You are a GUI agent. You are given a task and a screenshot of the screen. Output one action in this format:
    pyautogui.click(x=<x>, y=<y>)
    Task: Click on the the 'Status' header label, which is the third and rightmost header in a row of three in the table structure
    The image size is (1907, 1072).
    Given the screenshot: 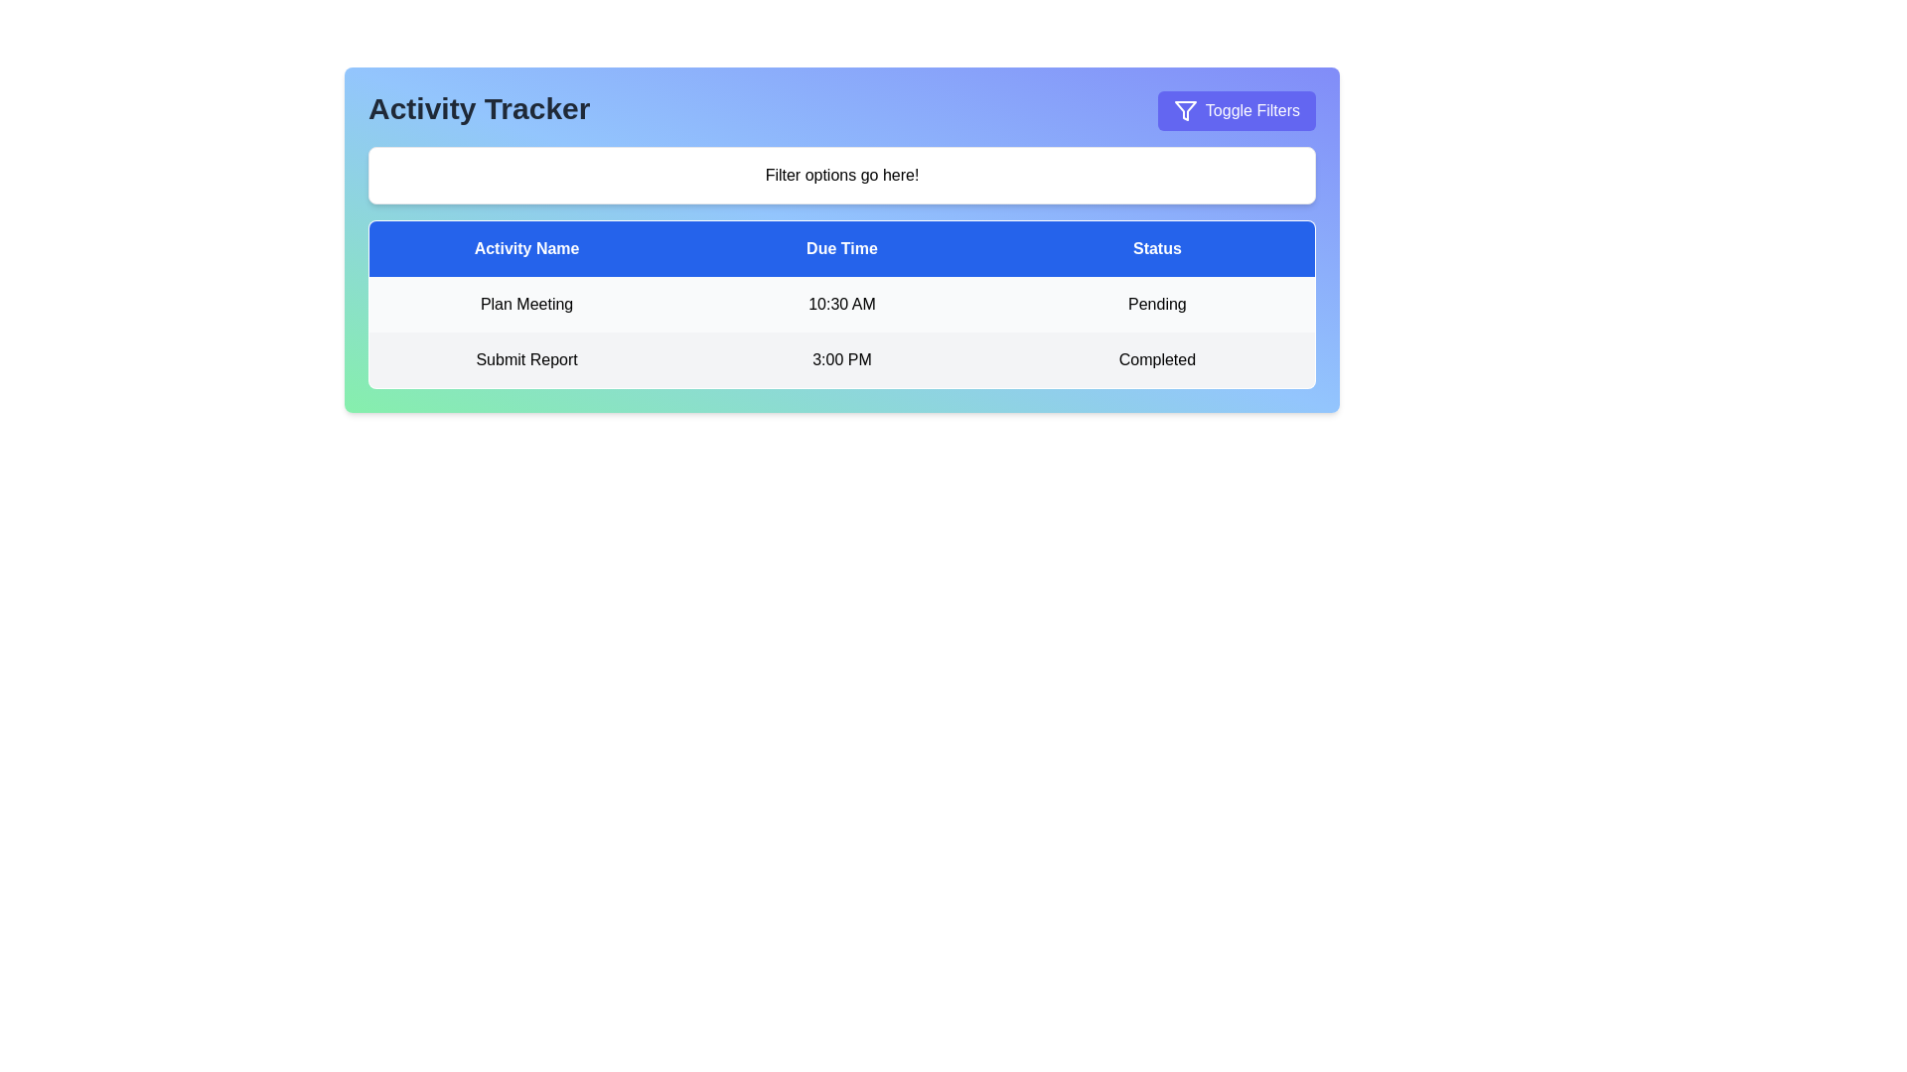 What is the action you would take?
    pyautogui.click(x=1157, y=247)
    